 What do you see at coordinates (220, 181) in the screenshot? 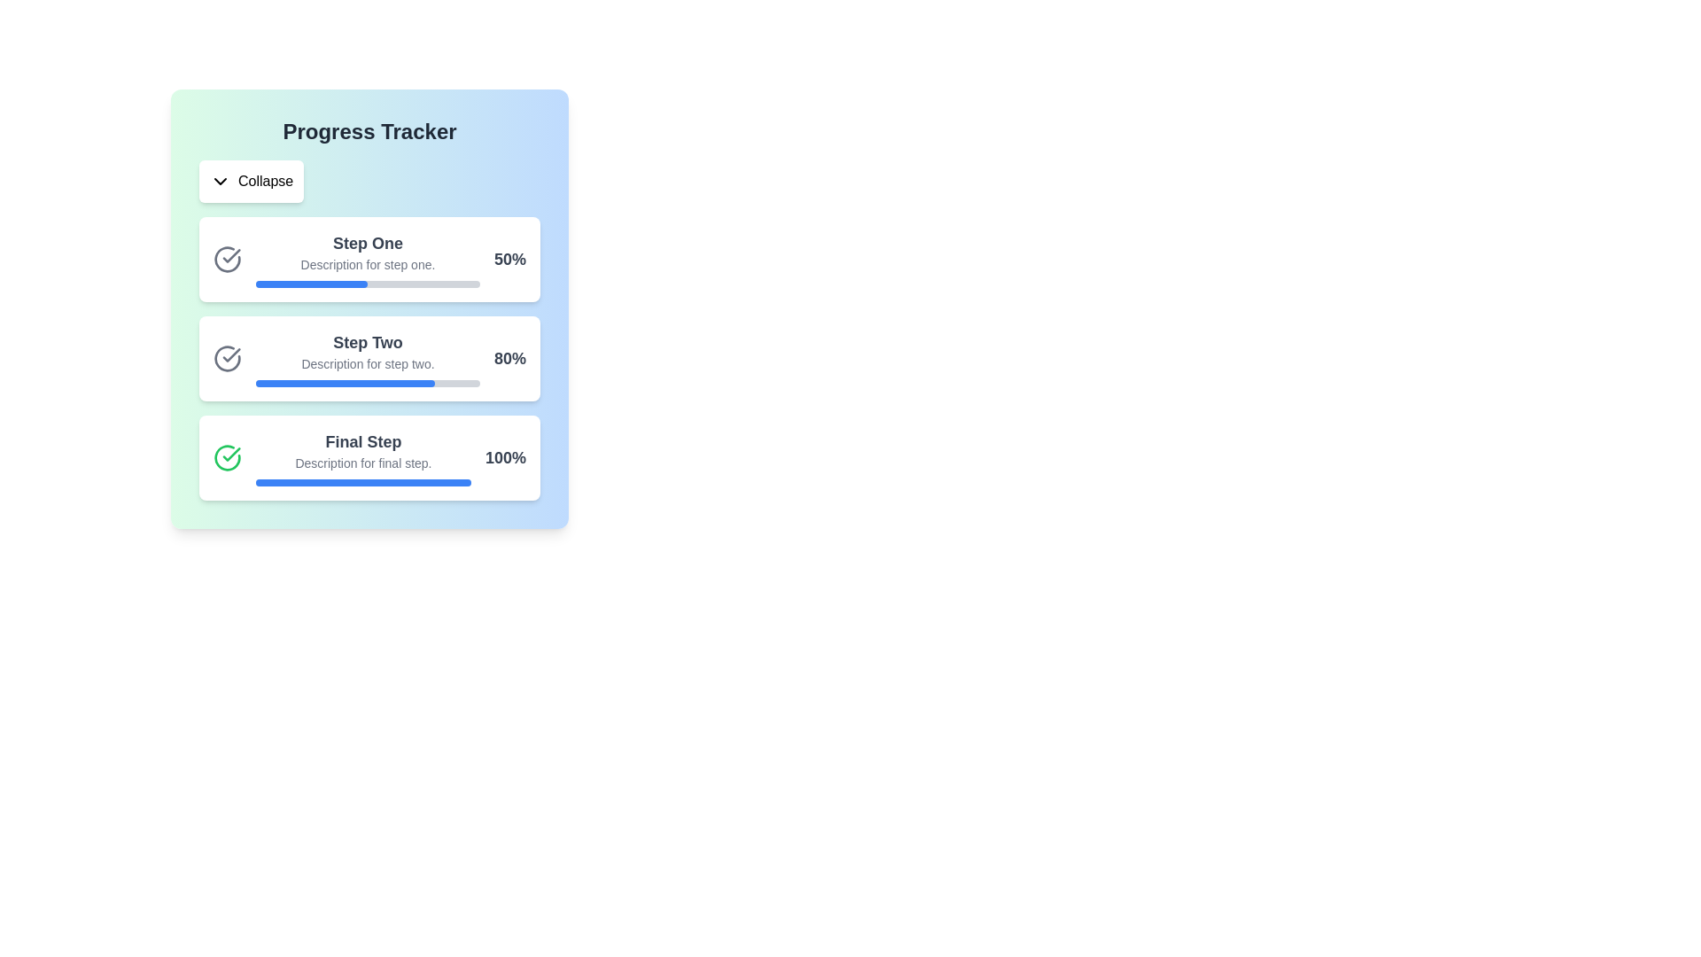
I see `the downward-facing chevron icon located in the top-left section of the interface` at bounding box center [220, 181].